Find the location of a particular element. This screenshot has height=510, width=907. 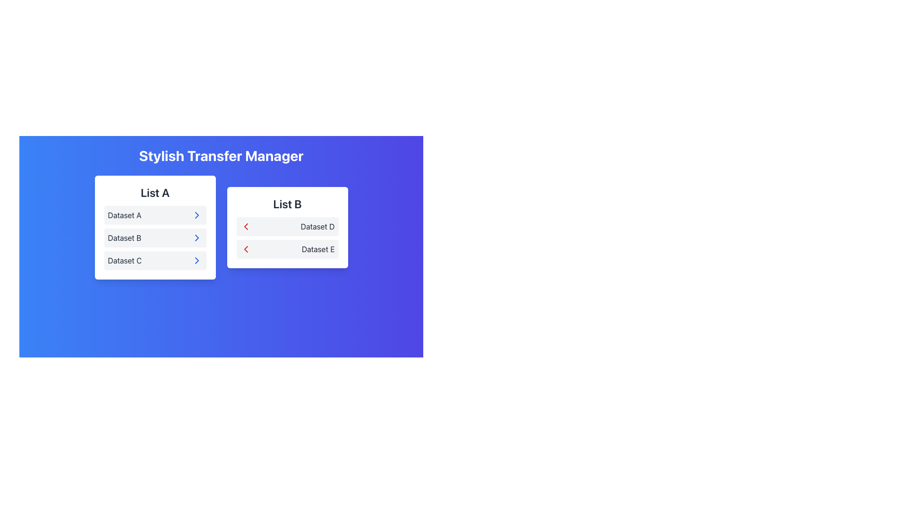

the text label 'Dataset C' in the left-hand card labeled 'List A' is located at coordinates (124, 260).